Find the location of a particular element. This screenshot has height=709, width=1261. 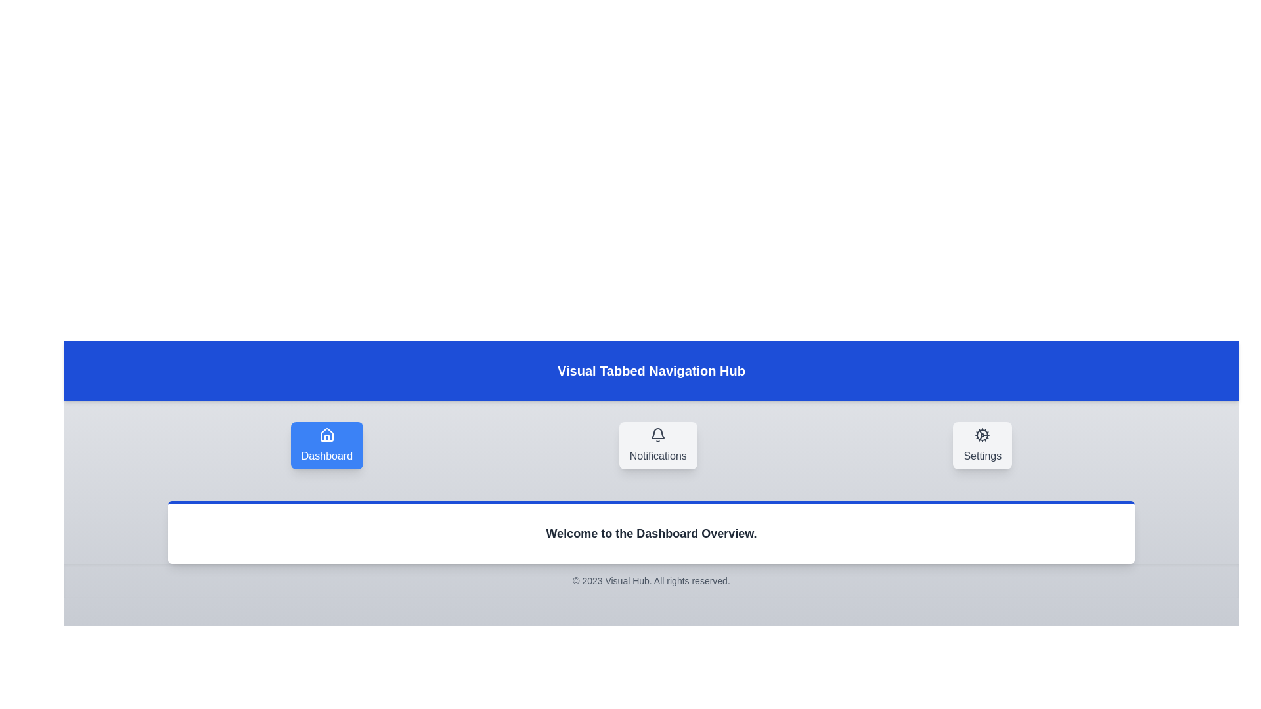

the 'Notifications' text label, which is displayed in a medium-weight font style and is located below the bell icon within the navigation bar is located at coordinates (658, 455).